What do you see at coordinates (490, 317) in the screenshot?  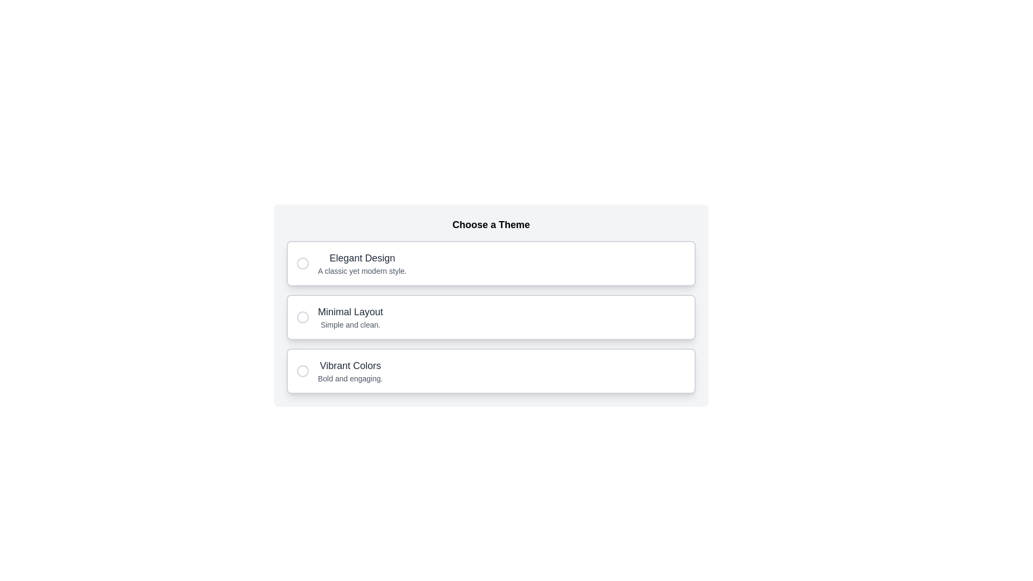 I see `the selectable list item labeled 'Minimal Layout' with the subtitle 'Simple and clean.'` at bounding box center [490, 317].